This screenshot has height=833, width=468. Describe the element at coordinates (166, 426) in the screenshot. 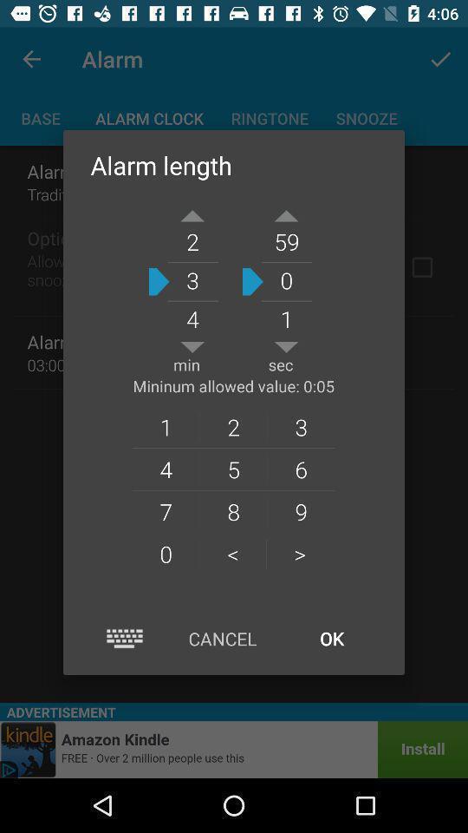

I see `the item below the mininum allowed value` at that location.